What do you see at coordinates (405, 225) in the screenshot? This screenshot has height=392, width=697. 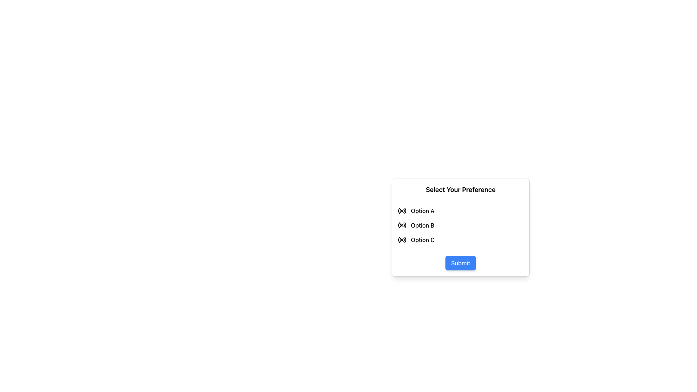 I see `the outermost circle of the SVG representing the radio button for 'Option B'` at bounding box center [405, 225].